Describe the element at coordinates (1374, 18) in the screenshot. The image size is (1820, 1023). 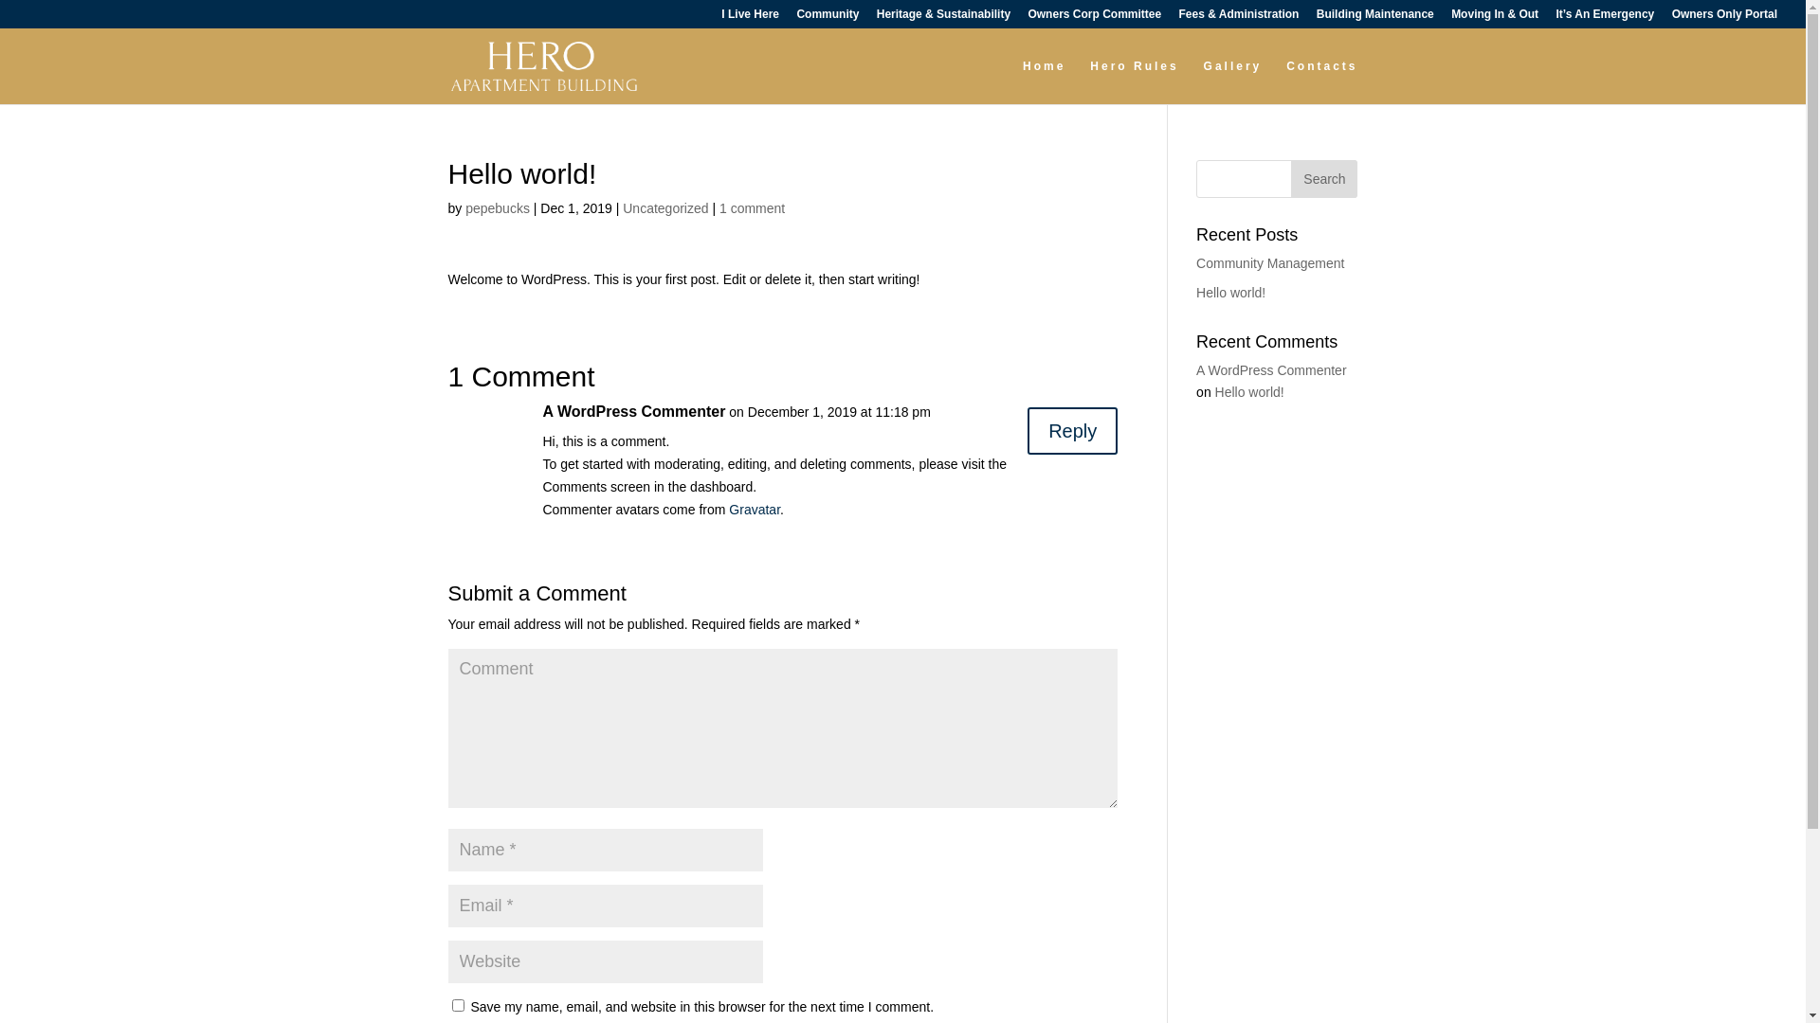
I see `'Building Maintenance'` at that location.